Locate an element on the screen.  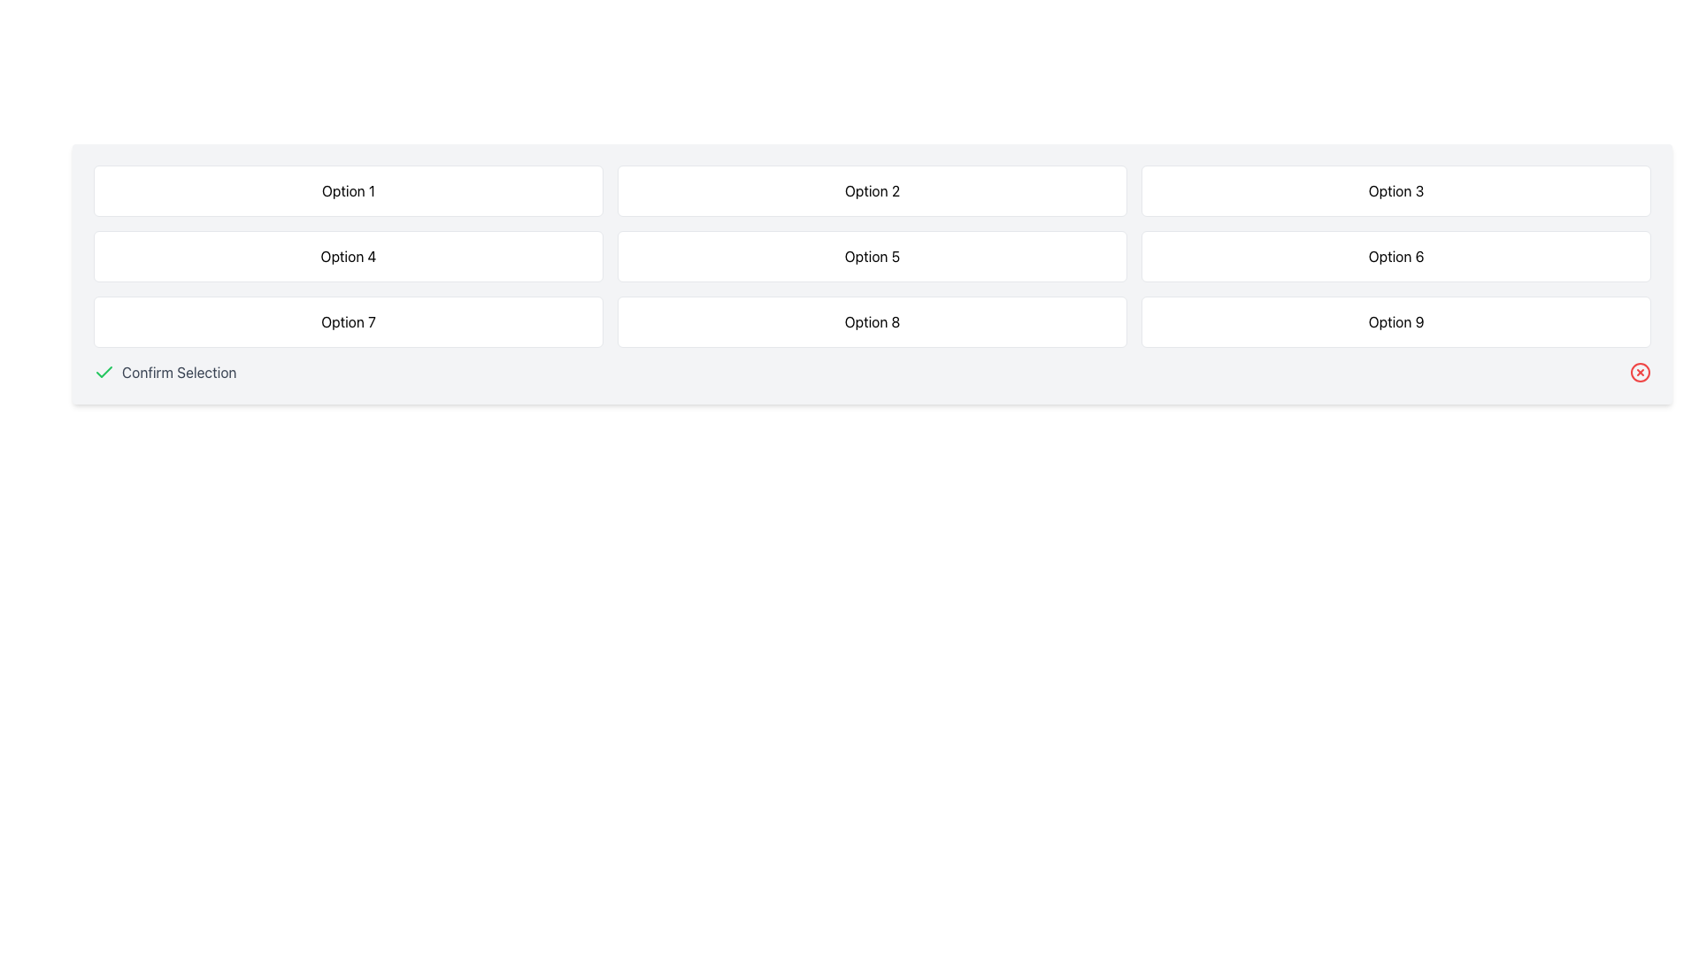
the rectangular button with rounded corners labeled 'Option 9' is located at coordinates (1395, 321).